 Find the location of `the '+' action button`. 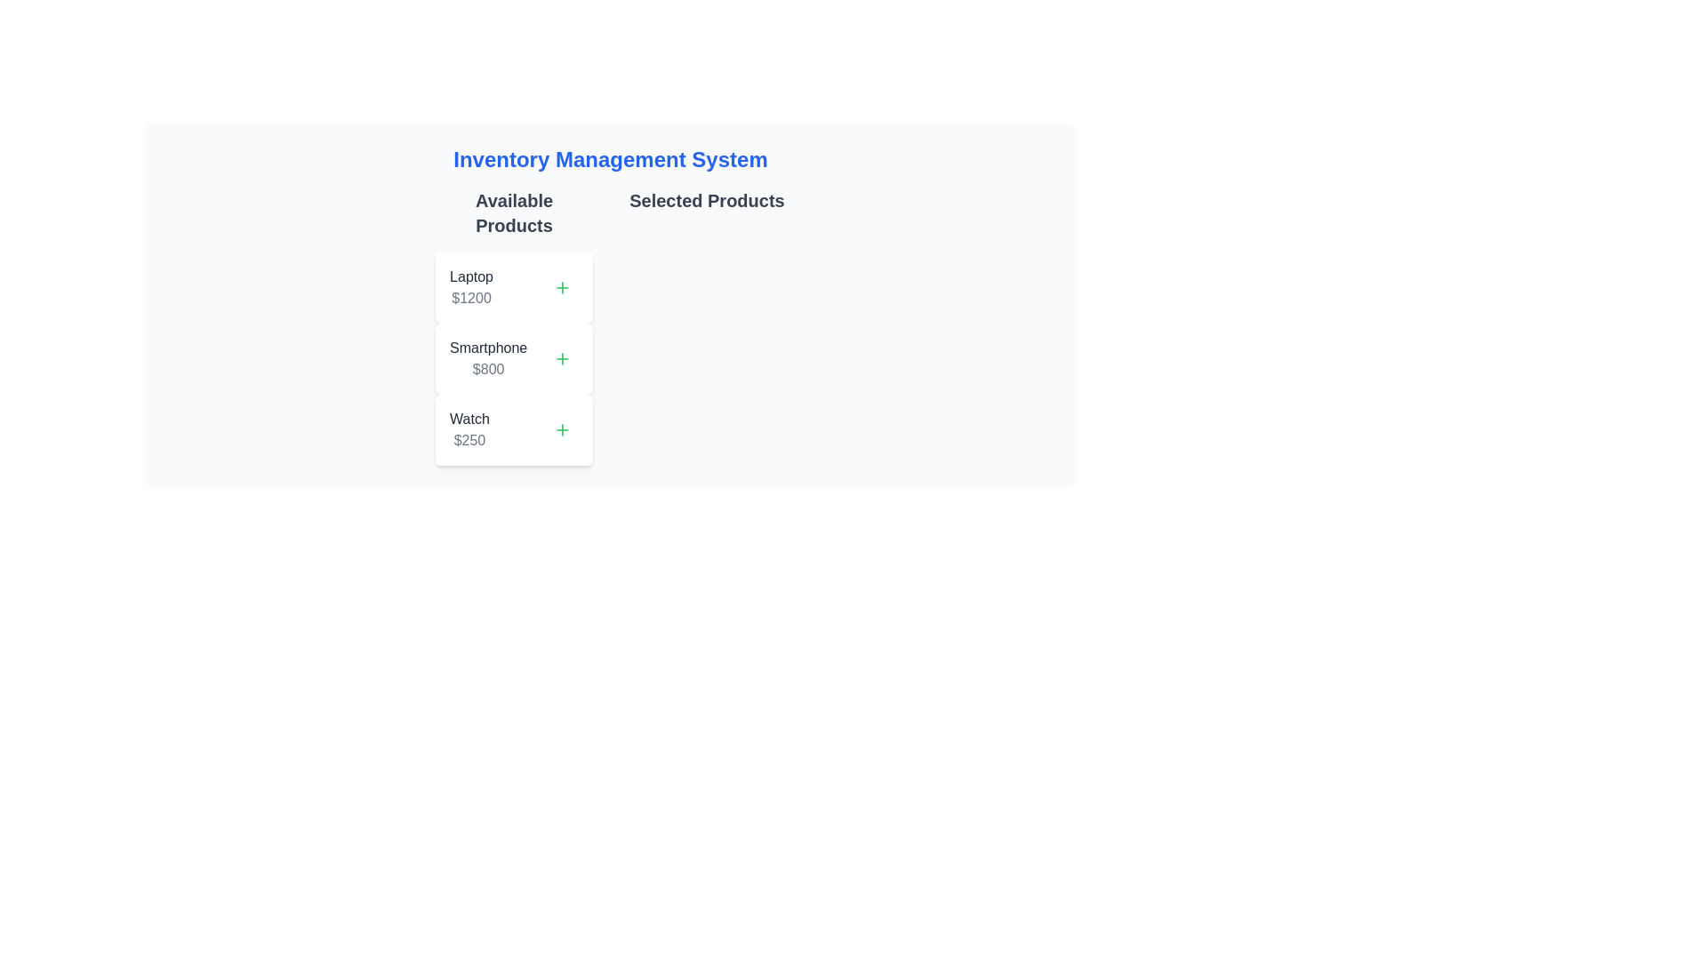

the '+' action button is located at coordinates (513, 326).